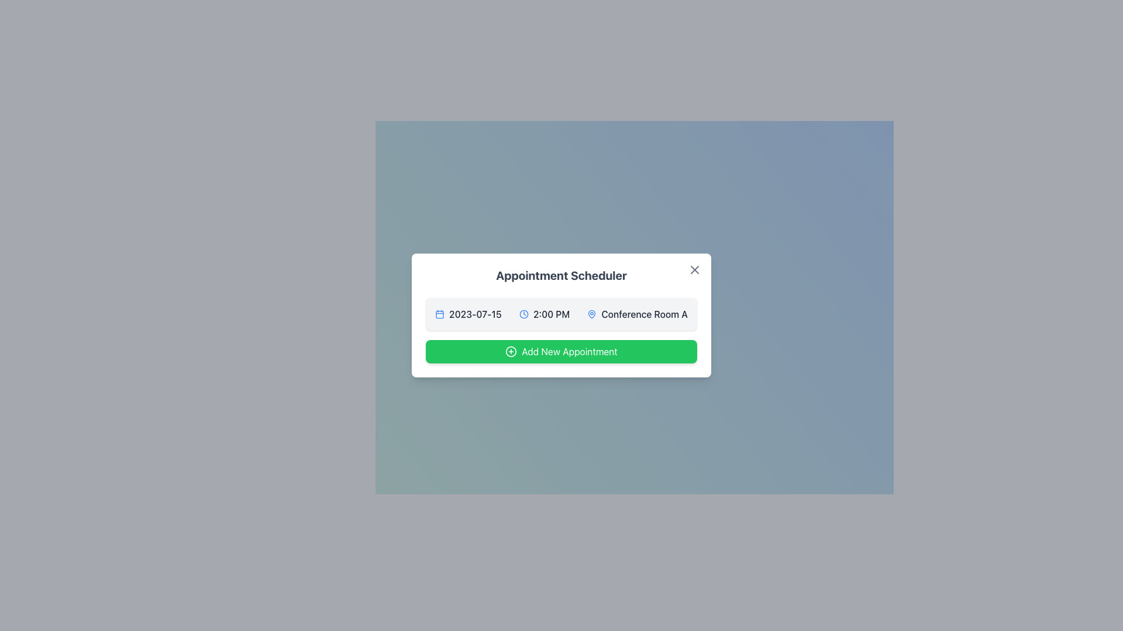 Image resolution: width=1123 pixels, height=631 pixels. What do you see at coordinates (592, 313) in the screenshot?
I see `the SVG location icon next to the text label 'Conference Room A'` at bounding box center [592, 313].